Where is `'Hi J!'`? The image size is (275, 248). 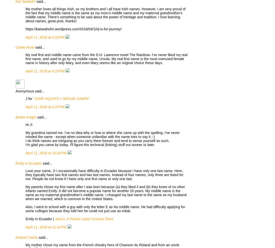
'Hi J!' is located at coordinates (29, 124).